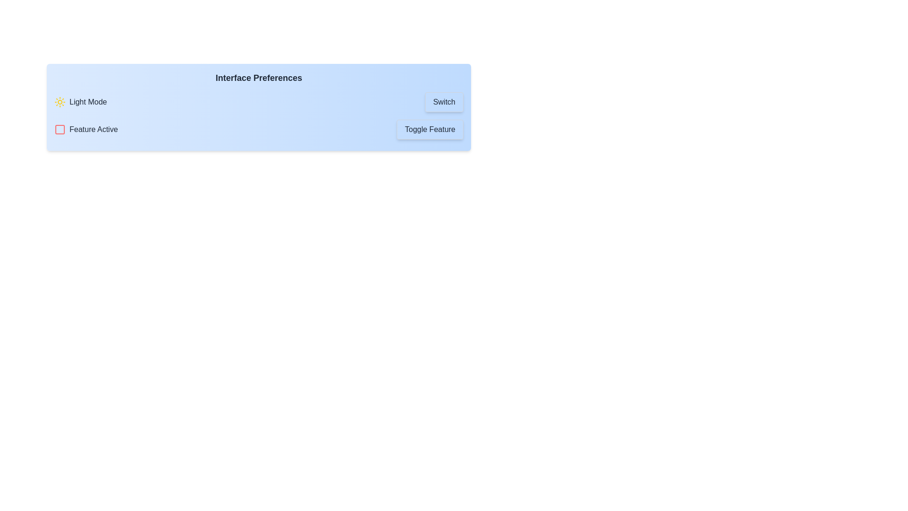 This screenshot has height=511, width=908. I want to click on the decorative shape within the red-bordered square icon that indicates the 'Feature Active' status in the 'Interface Preferences' section, so click(59, 129).